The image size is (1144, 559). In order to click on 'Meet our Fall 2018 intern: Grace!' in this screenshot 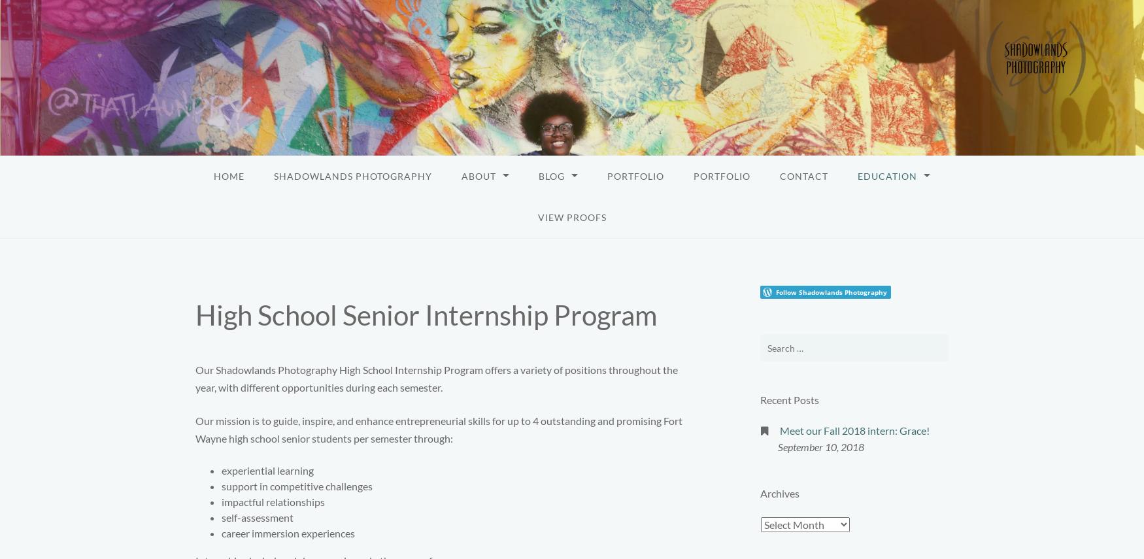, I will do `click(854, 430)`.